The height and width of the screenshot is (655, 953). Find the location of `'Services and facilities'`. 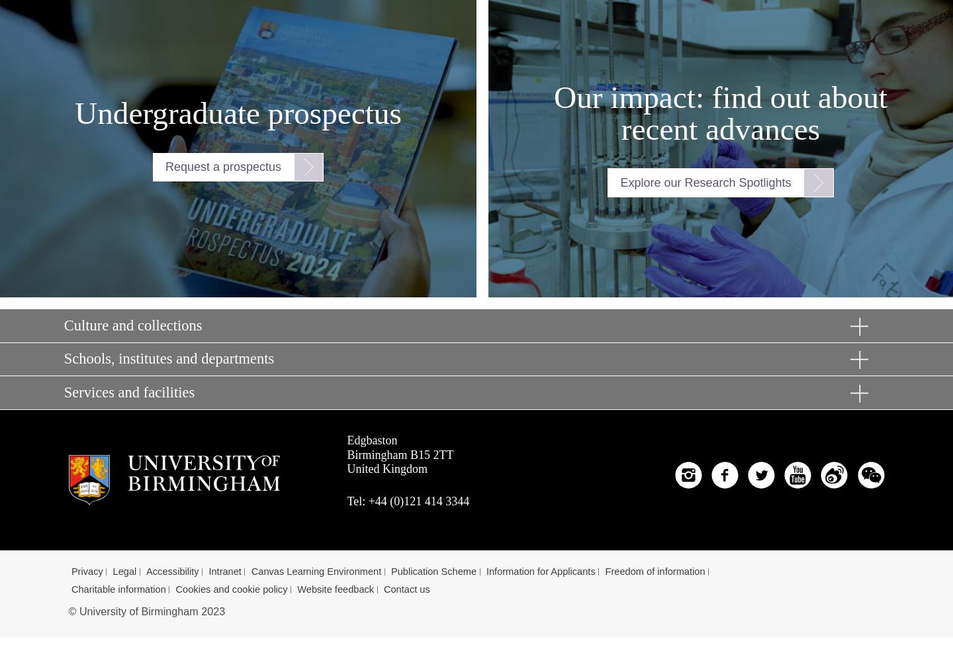

'Services and facilities' is located at coordinates (128, 391).